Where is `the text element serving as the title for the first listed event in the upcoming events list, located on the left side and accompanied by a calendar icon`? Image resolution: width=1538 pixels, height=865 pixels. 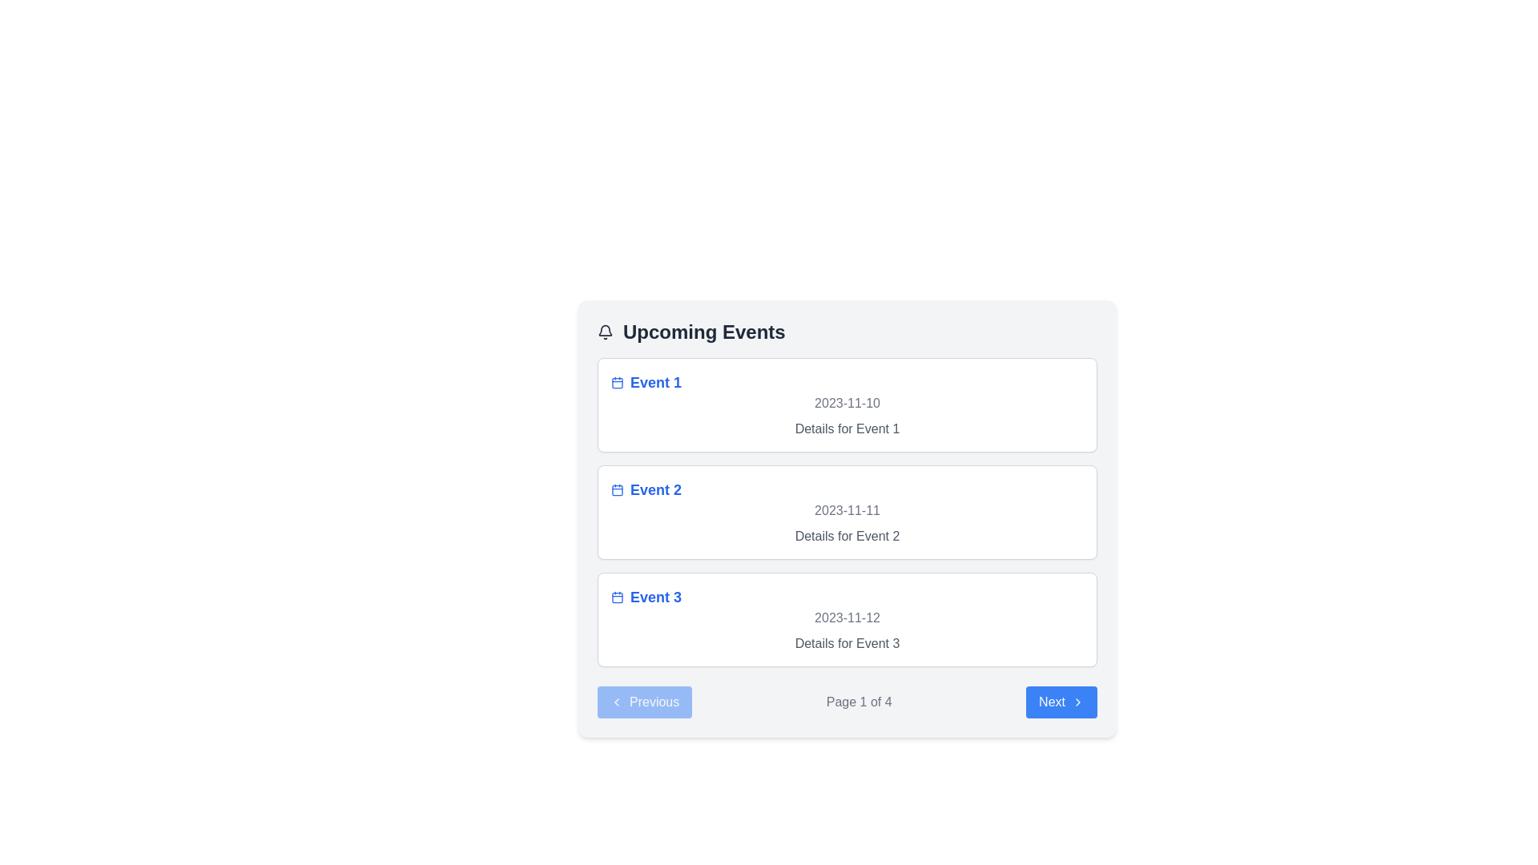
the text element serving as the title for the first listed event in the upcoming events list, located on the left side and accompanied by a calendar icon is located at coordinates (656, 383).